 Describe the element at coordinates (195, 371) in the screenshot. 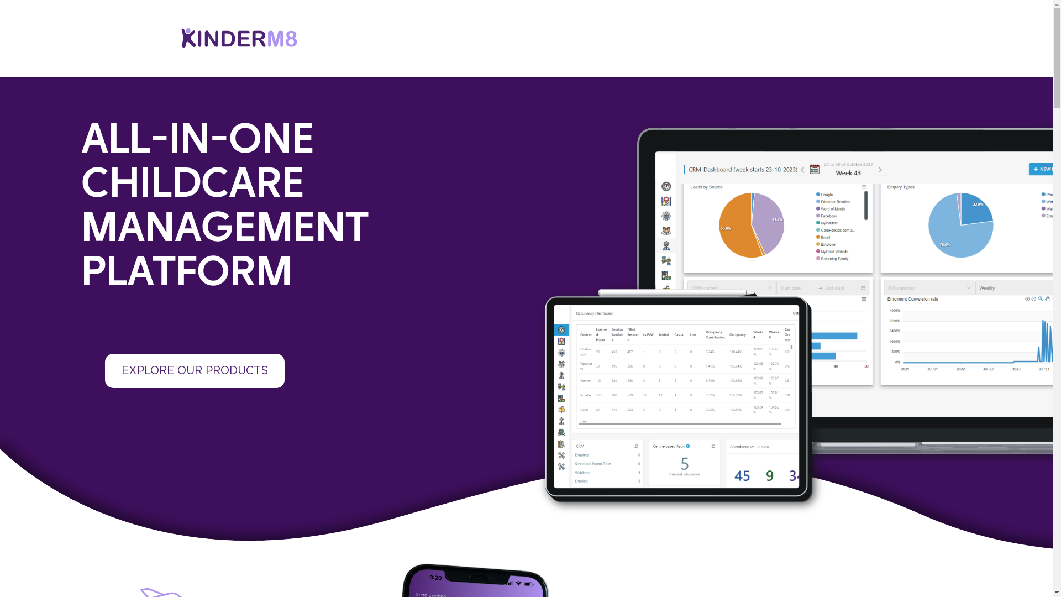

I see `'EXPLORE OUR PRODUCTS'` at that location.